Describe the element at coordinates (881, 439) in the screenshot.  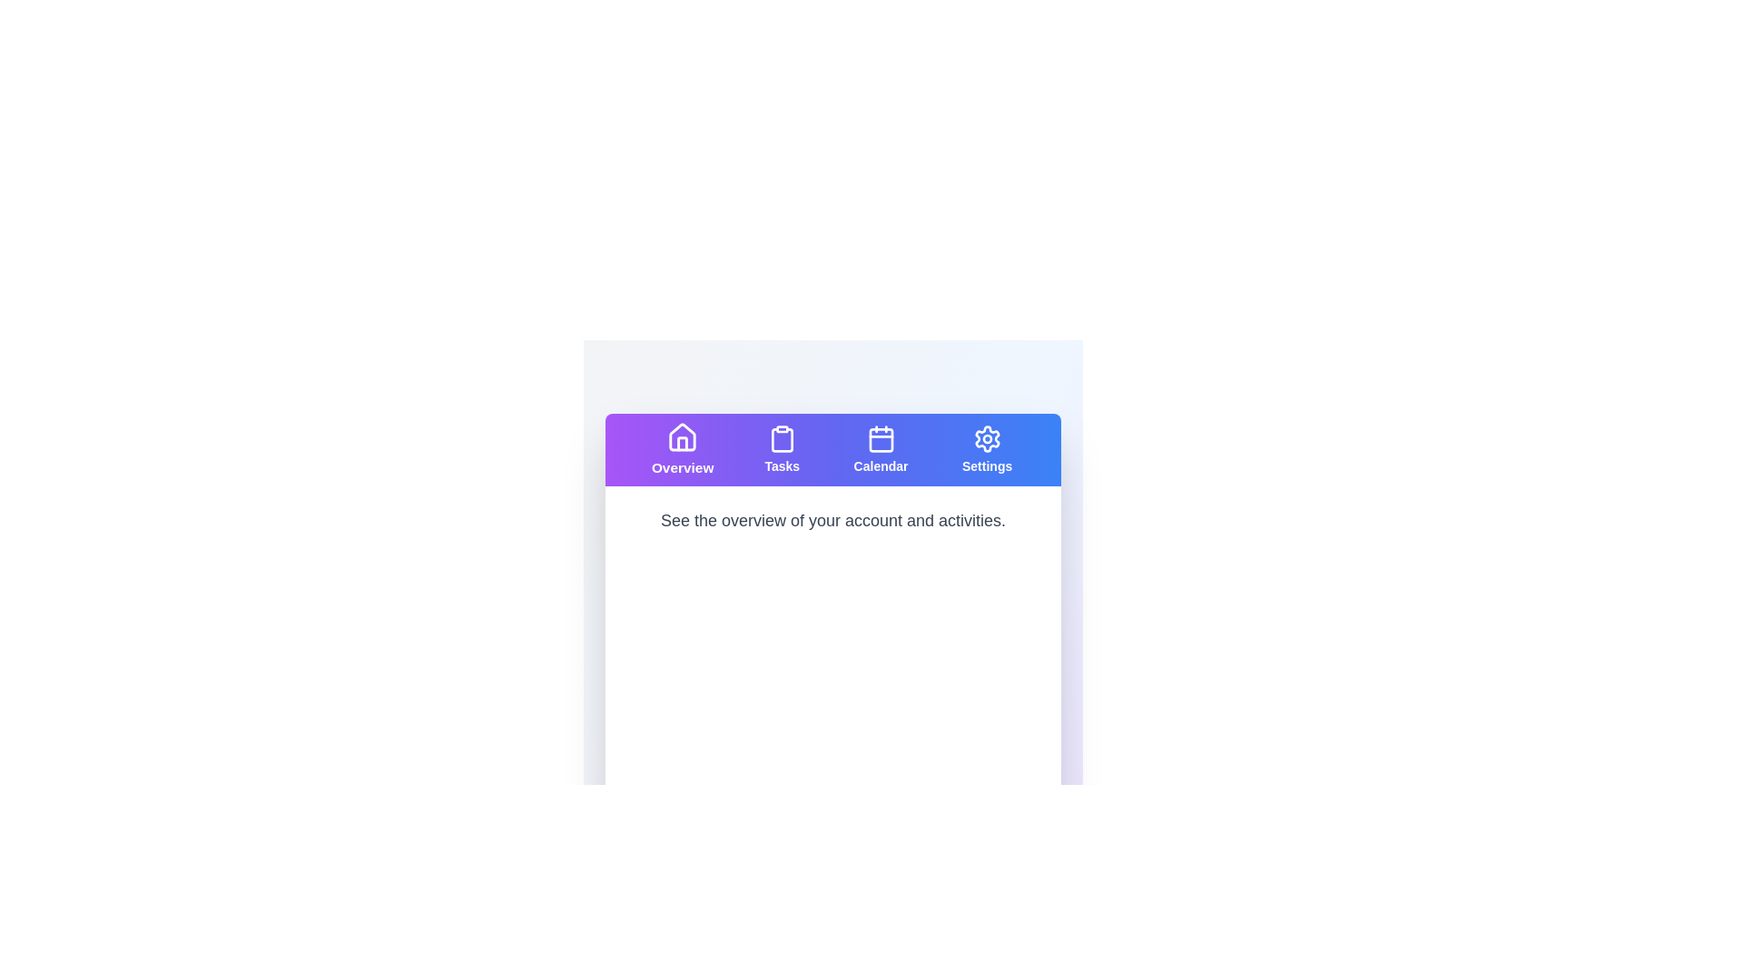
I see `the calendar icon located in the top navigation bar, which has a blue background and white outline` at that location.